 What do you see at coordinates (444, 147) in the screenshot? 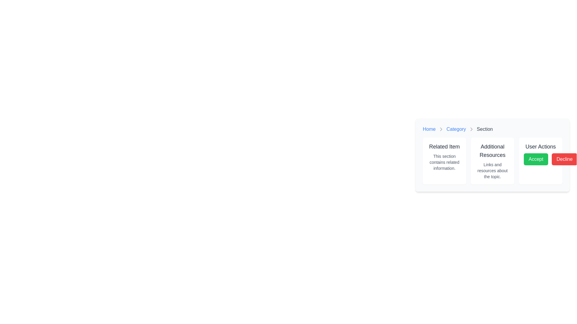
I see `the 'Related Item' text label, which is a bold, medium-sized dark gray text located at the top-left section of a rounded, shadowed white card` at bounding box center [444, 147].